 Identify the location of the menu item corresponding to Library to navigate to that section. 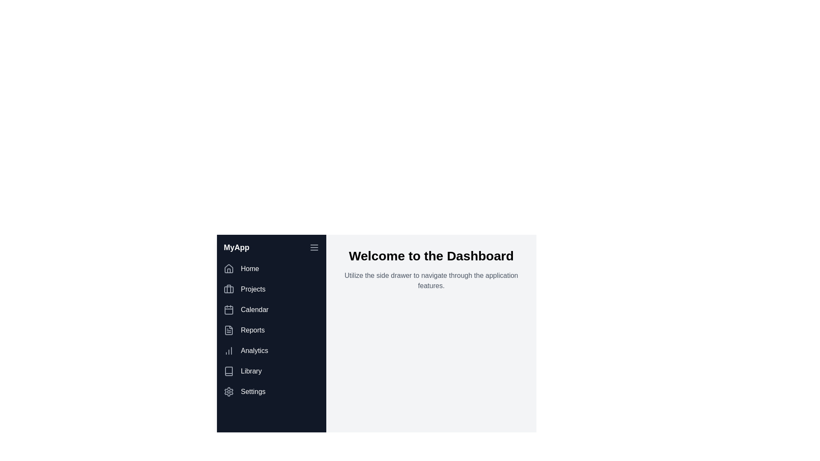
(271, 371).